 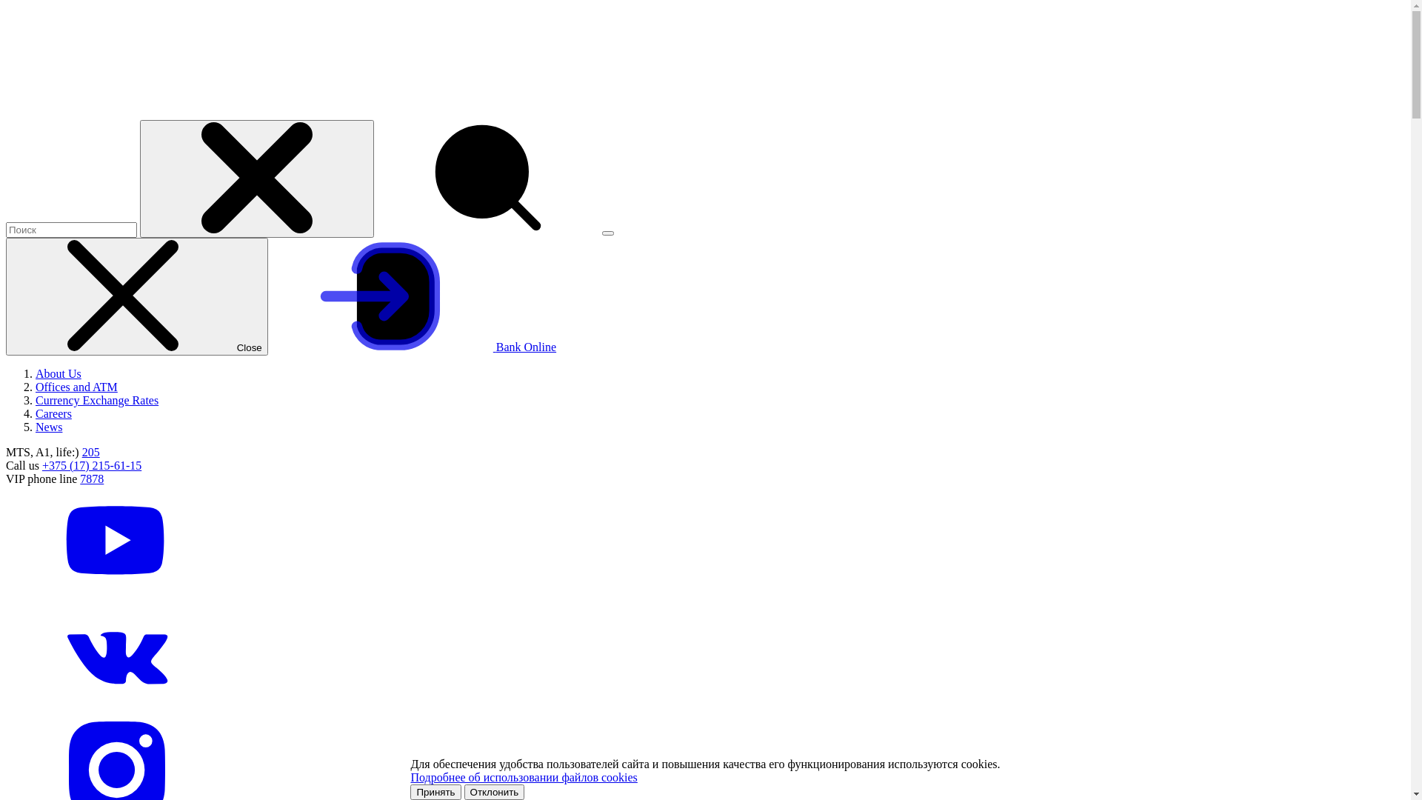 I want to click on 'News', so click(x=49, y=427).